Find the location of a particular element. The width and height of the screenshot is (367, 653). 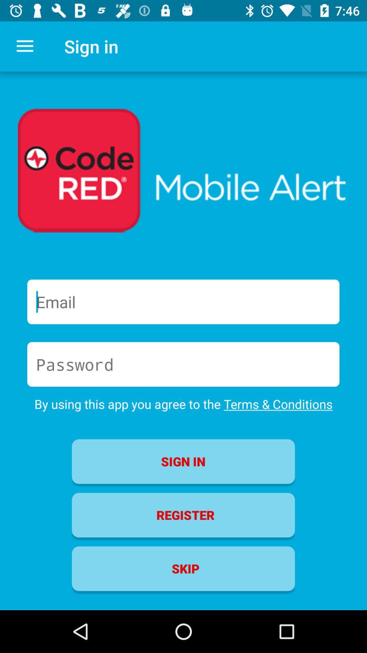

the icon above the sign in is located at coordinates (183, 404).